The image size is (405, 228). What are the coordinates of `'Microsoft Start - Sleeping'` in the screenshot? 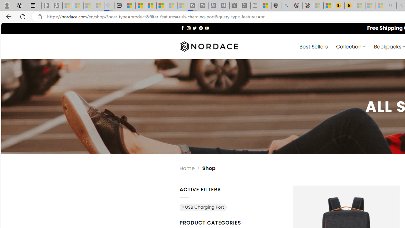 It's located at (172, 5).